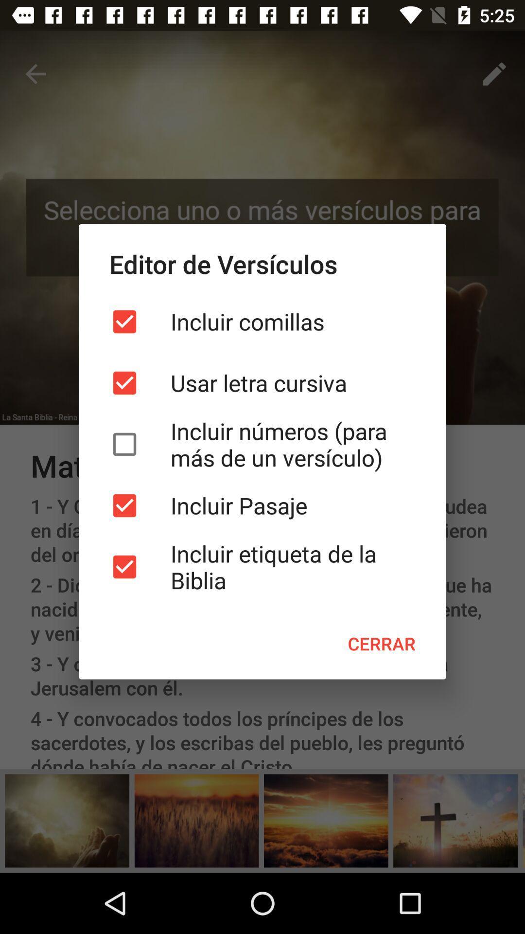  Describe the element at coordinates (381, 644) in the screenshot. I see `the cerrar item` at that location.